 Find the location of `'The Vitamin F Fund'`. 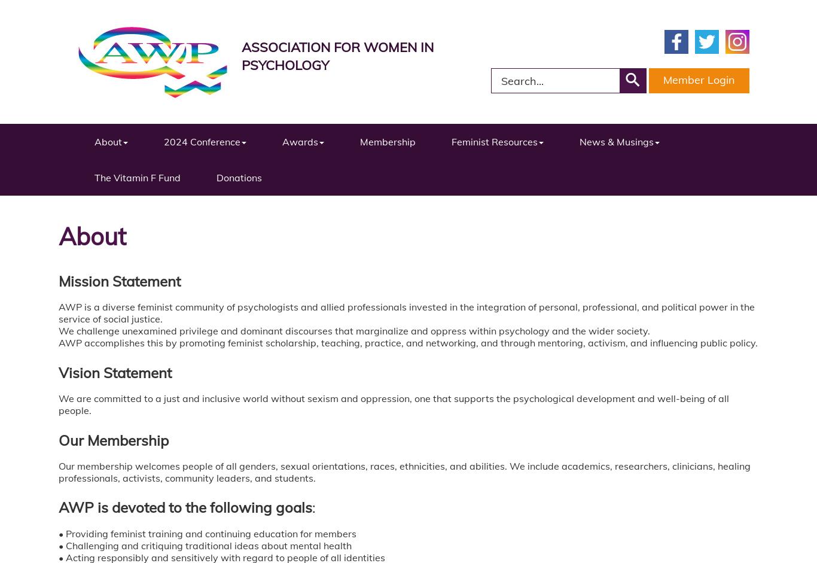

'The Vitamin F Fund' is located at coordinates (138, 177).